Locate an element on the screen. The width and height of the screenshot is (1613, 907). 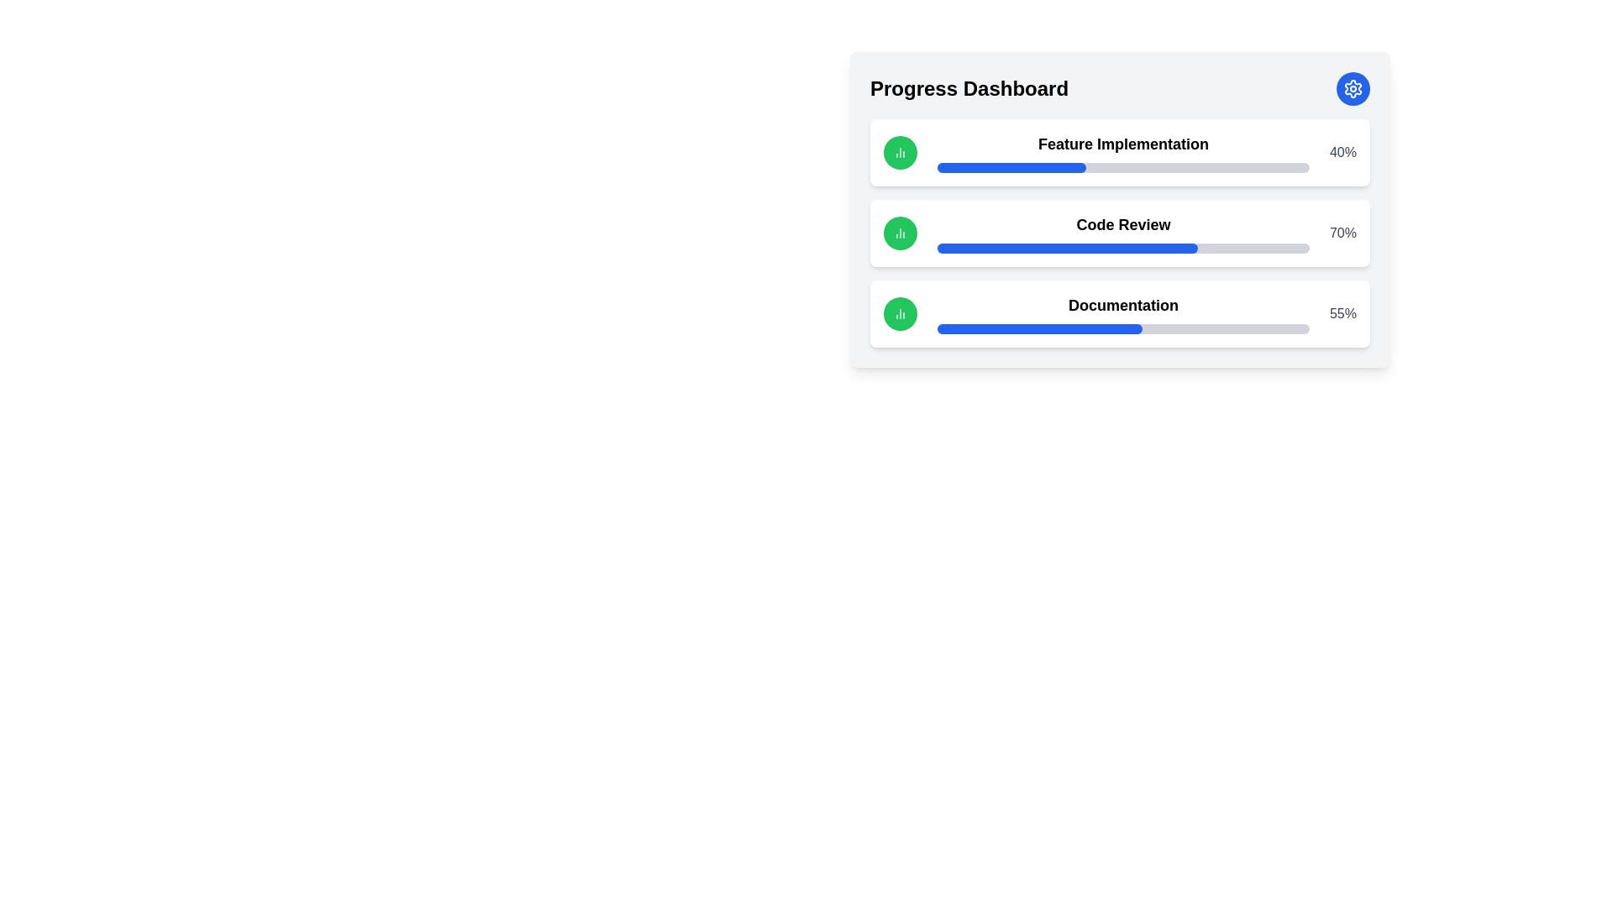
the icon related to the 'Code Review' task within the progress dashboard interface, which is located to the far left of the card labeled 'Code Review' is located at coordinates (899, 233).